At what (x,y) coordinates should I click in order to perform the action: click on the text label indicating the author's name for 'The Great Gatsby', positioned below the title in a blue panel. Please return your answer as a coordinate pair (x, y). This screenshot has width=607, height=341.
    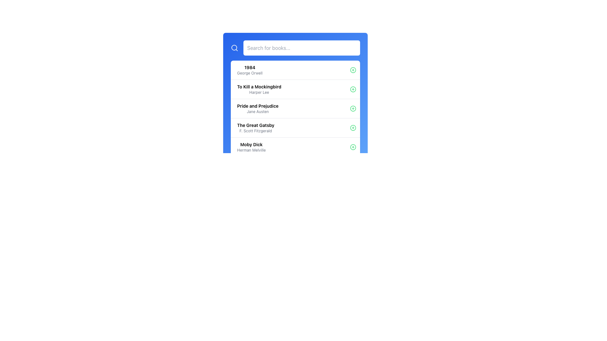
    Looking at the image, I should click on (255, 131).